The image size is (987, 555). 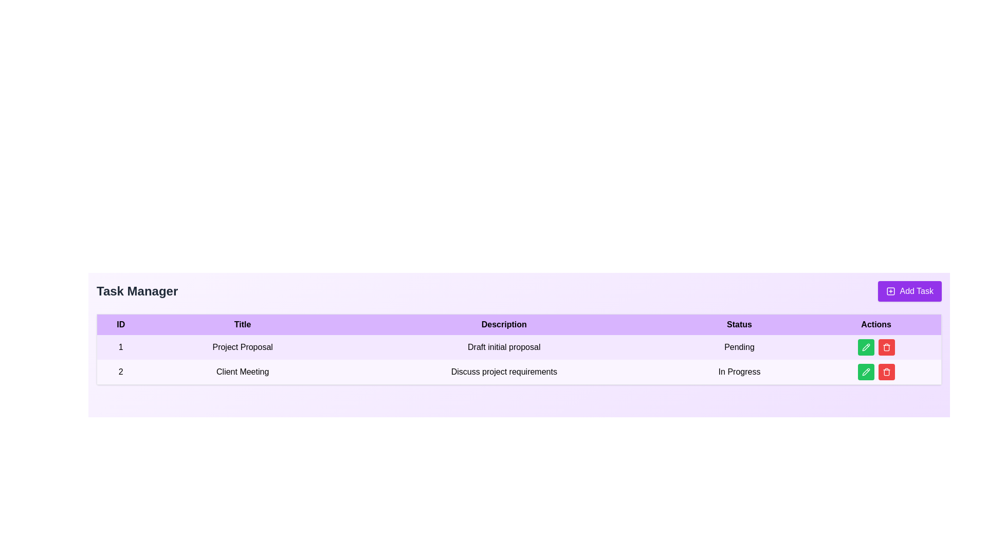 What do you see at coordinates (875, 347) in the screenshot?
I see `the red button in the 'Actions' column of the first row corresponding to the 'Project Proposal' task` at bounding box center [875, 347].